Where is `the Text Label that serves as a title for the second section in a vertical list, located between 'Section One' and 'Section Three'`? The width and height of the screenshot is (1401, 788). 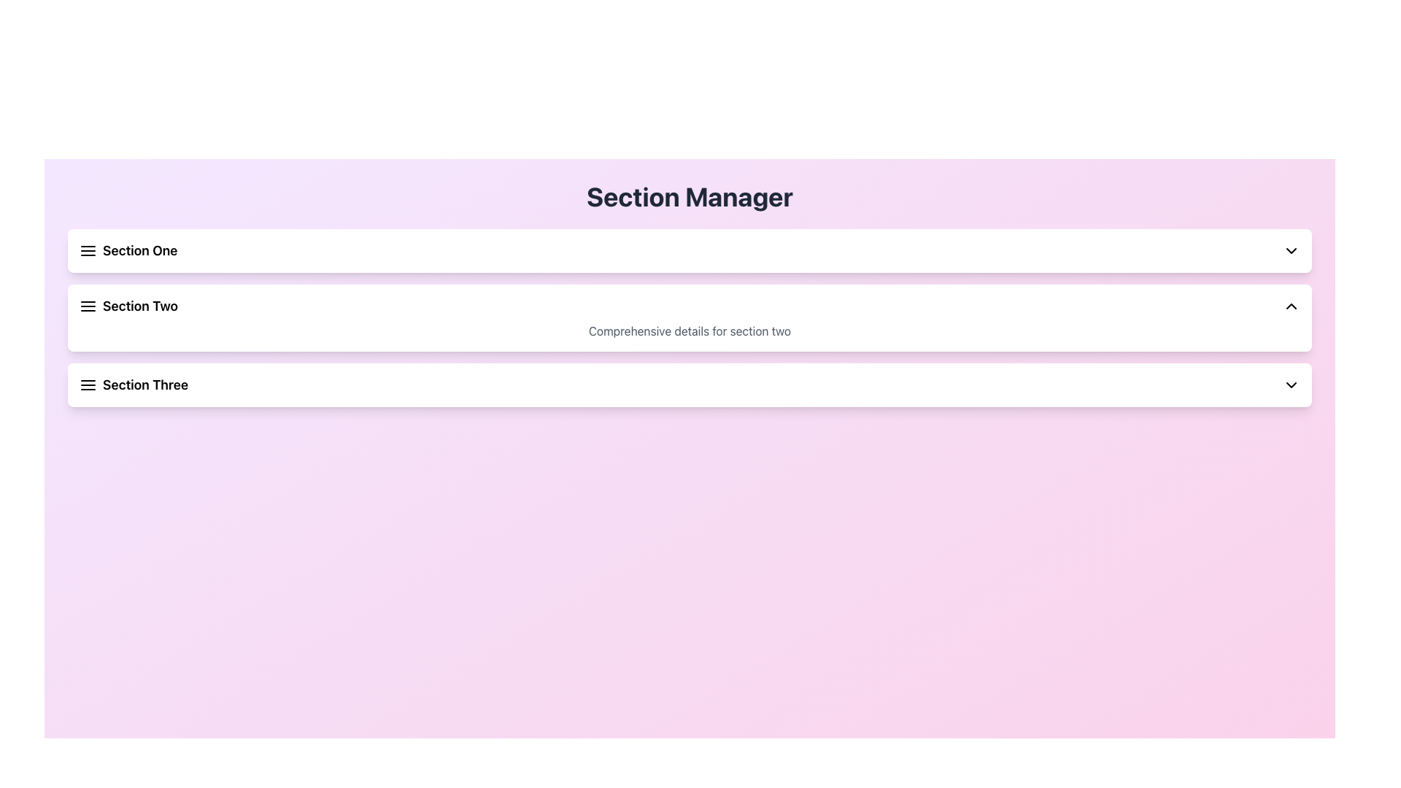
the Text Label that serves as a title for the second section in a vertical list, located between 'Section One' and 'Section Three' is located at coordinates (128, 306).